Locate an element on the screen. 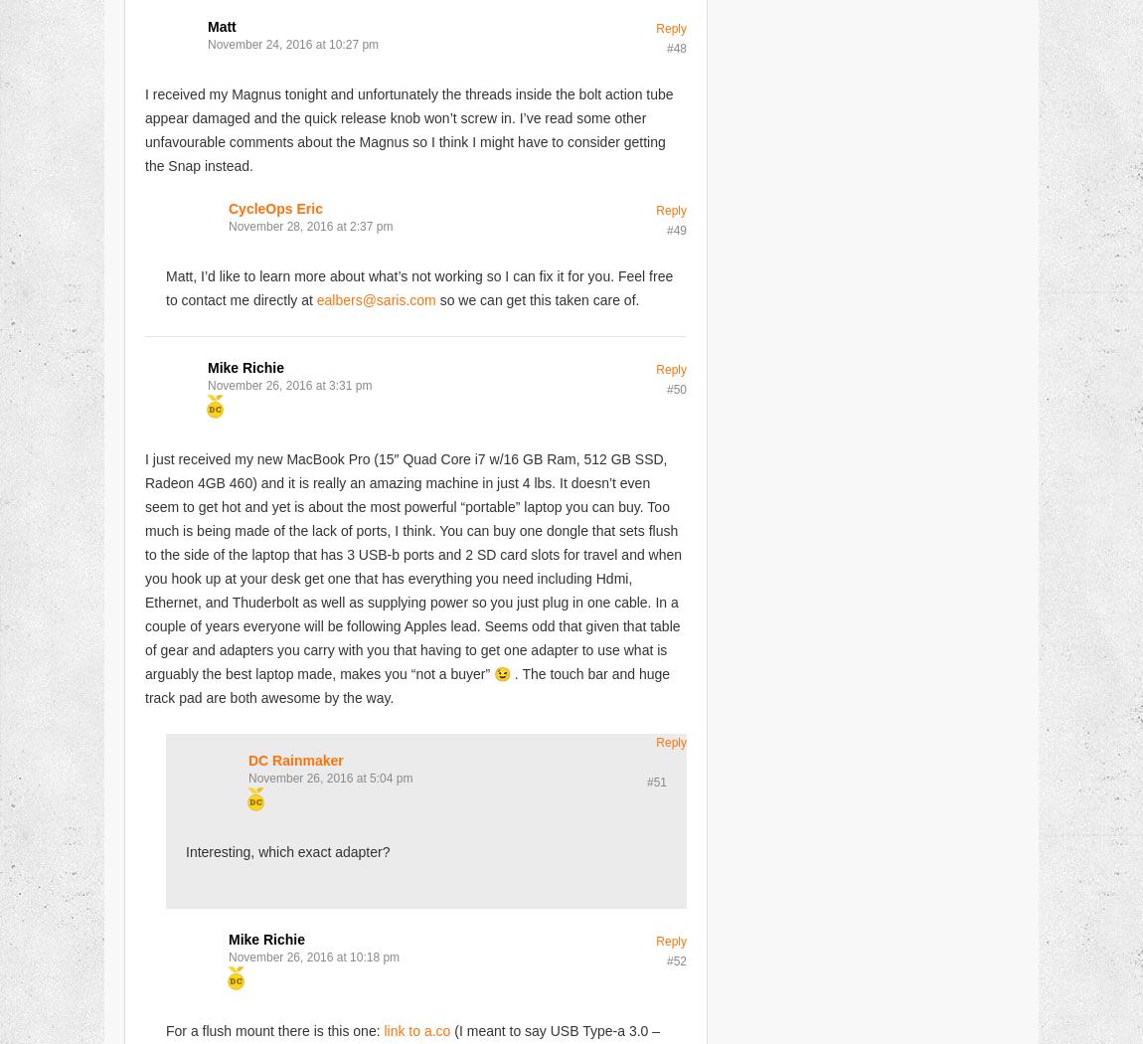 The image size is (1143, 1044). 'For a flush mount there is this one:' is located at coordinates (273, 1029).